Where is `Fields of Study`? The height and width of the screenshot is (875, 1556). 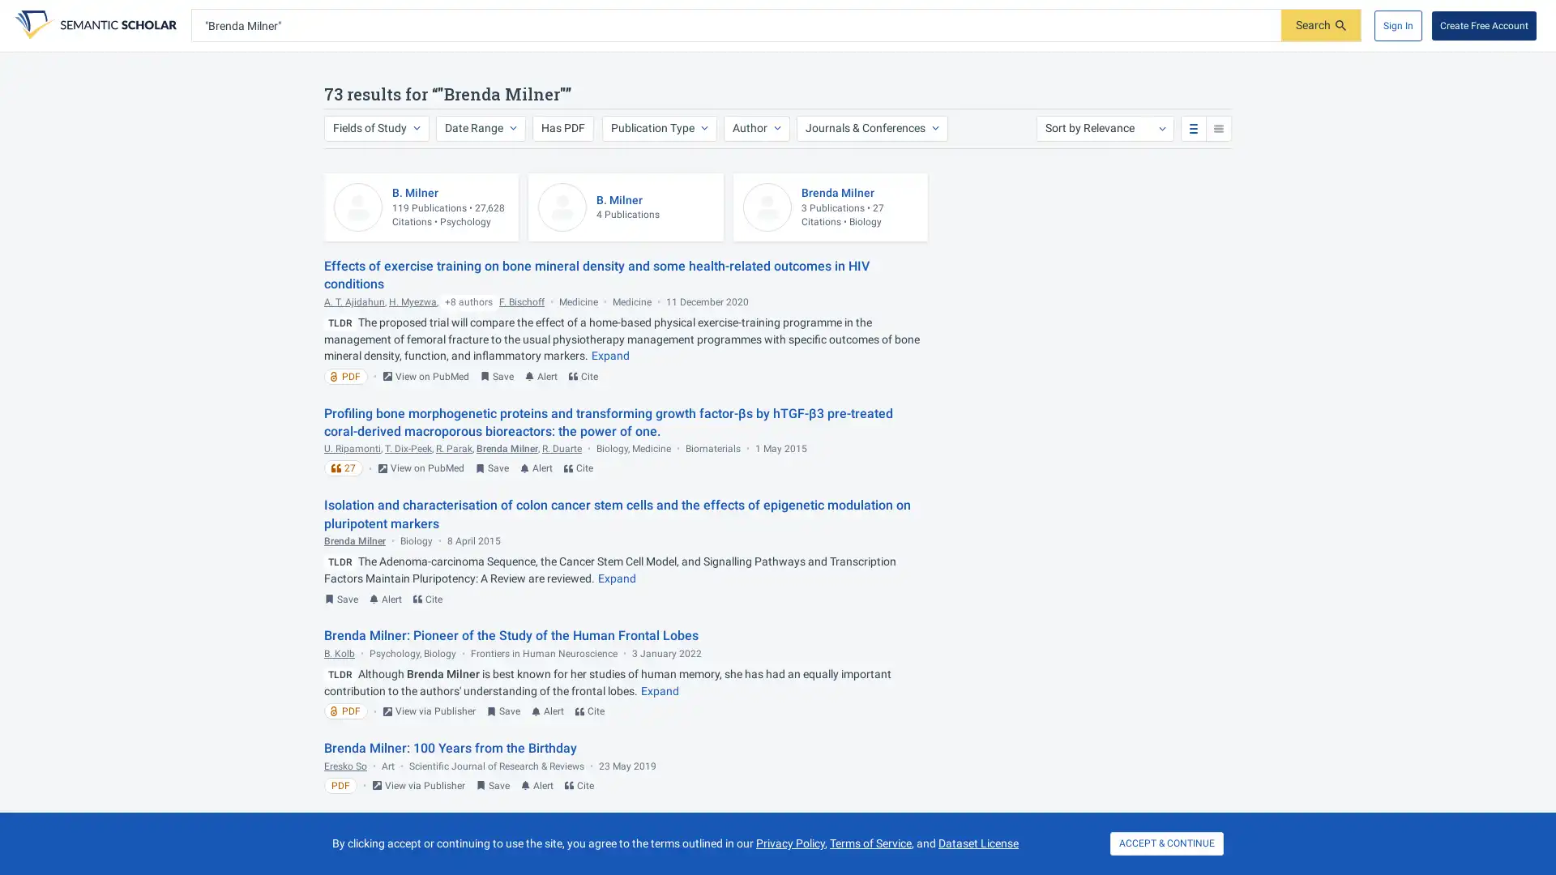 Fields of Study is located at coordinates (375, 127).